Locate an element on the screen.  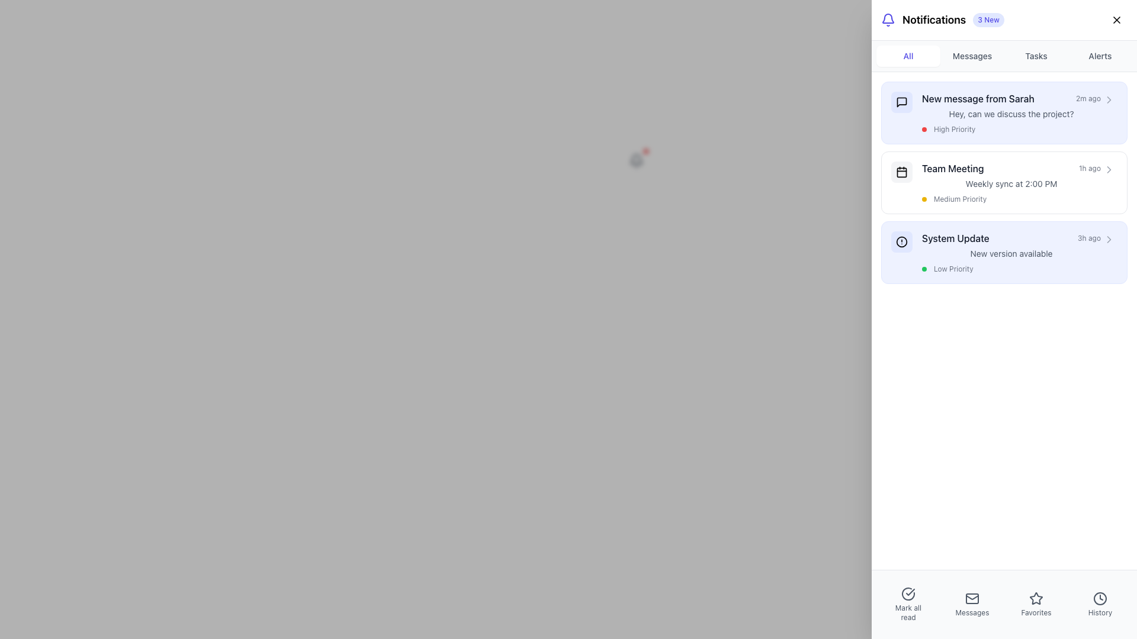
the 'Alerts' button, which is a horizontally rectangular tab located on the top-right of the tab group in the interface is located at coordinates (1099, 56).